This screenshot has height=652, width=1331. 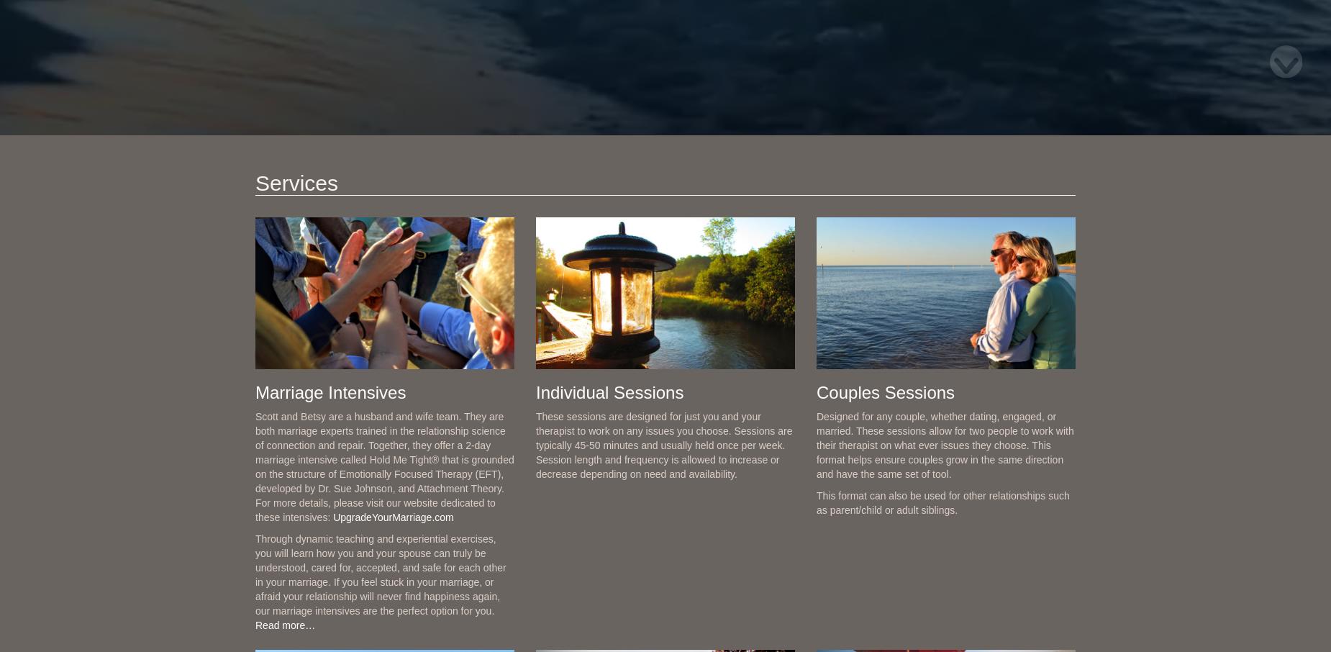 What do you see at coordinates (663, 445) in the screenshot?
I see `'These sessions are designed for just you and your therapist to work on any issues you choose. Sessions are typically 45-50 minutes and usually held once per week. Session length and frequency is allowed to increase or decrease depending on need and availability.'` at bounding box center [663, 445].